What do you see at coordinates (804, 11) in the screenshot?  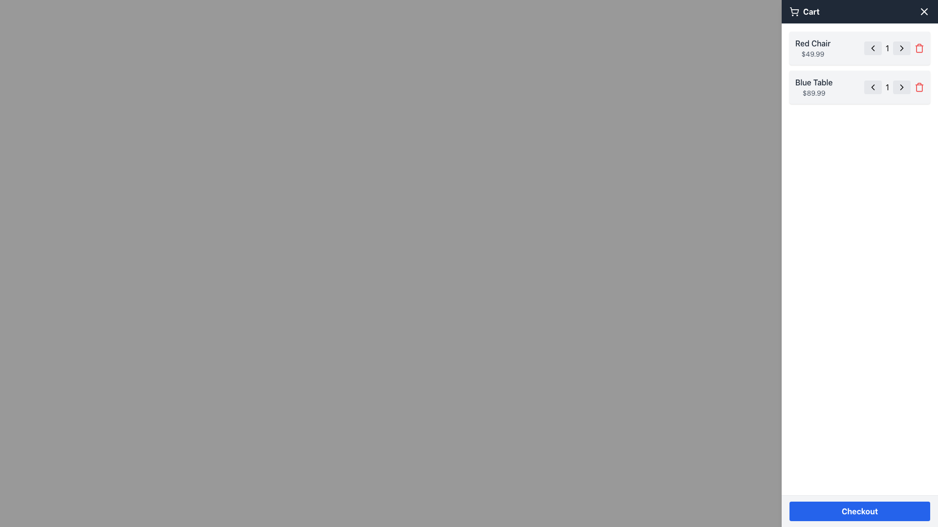 I see `the 'Cart' text label with icon located at the top-right corner of the header, styled with bold white font against a dark background` at bounding box center [804, 11].